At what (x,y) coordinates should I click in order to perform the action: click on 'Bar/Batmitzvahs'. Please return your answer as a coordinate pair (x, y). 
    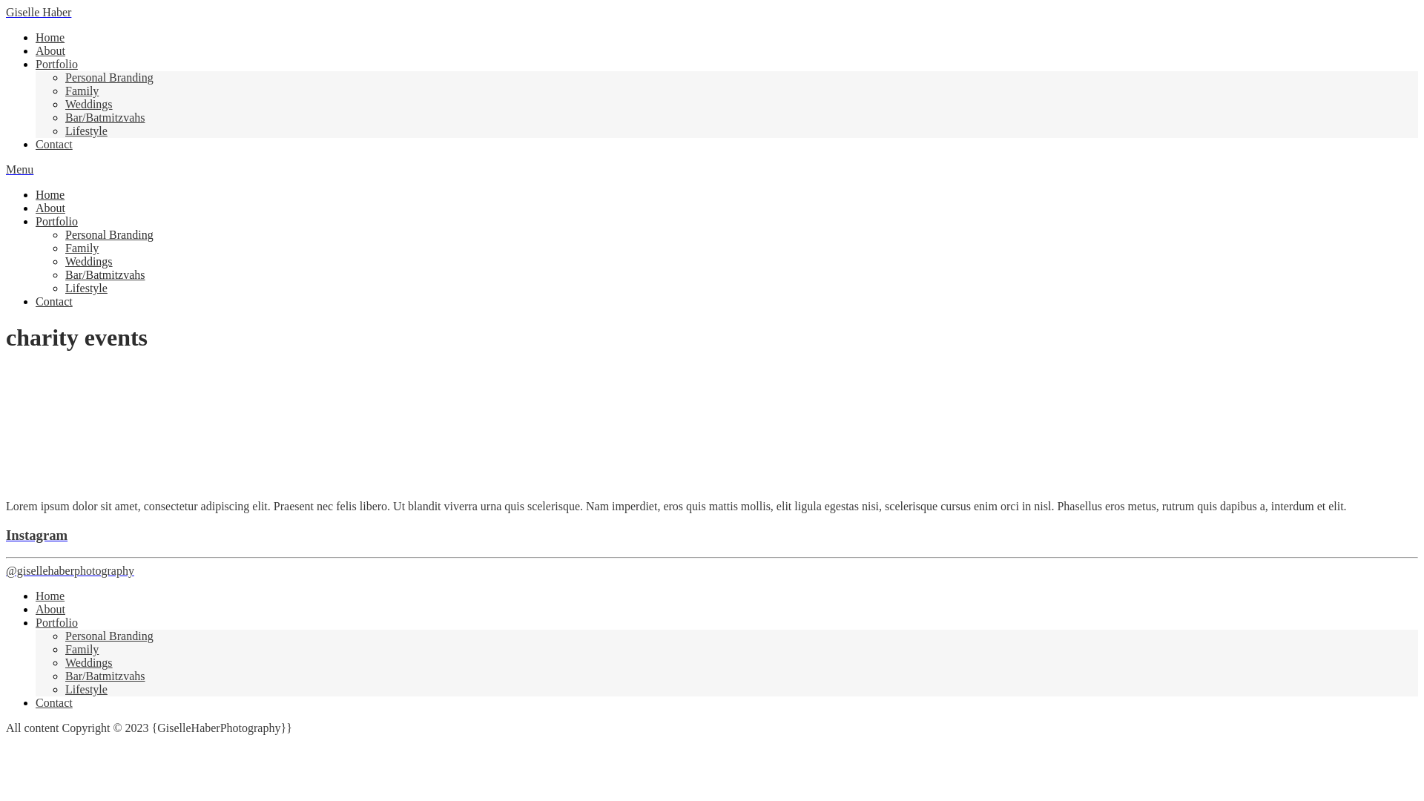
    Looking at the image, I should click on (105, 676).